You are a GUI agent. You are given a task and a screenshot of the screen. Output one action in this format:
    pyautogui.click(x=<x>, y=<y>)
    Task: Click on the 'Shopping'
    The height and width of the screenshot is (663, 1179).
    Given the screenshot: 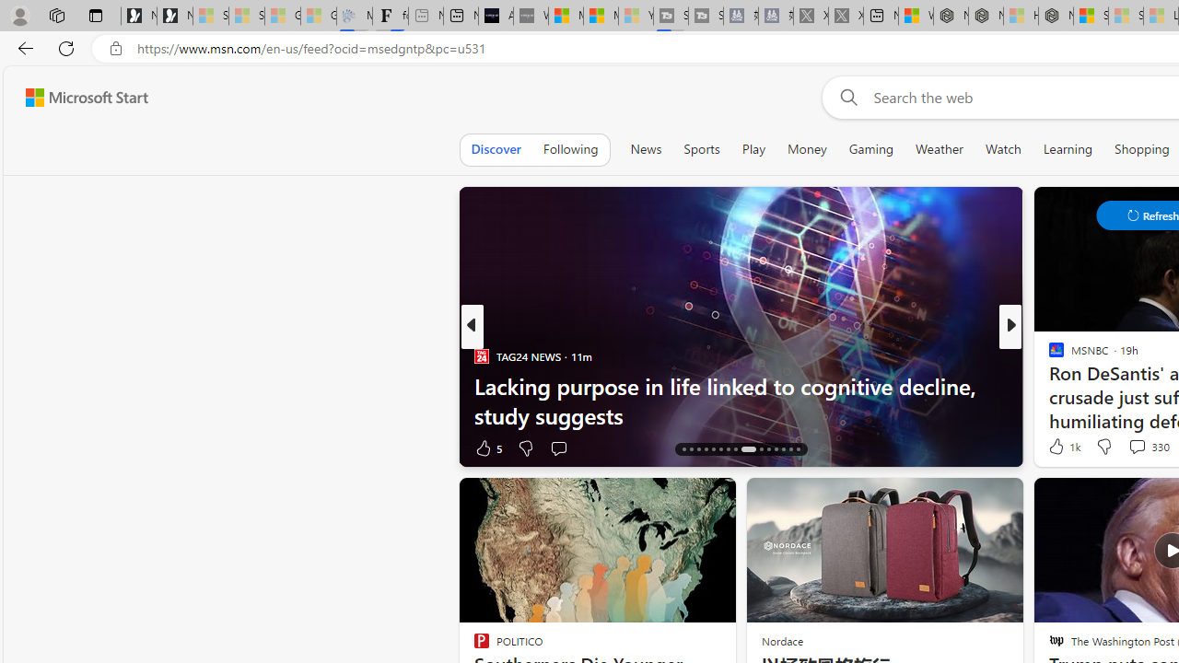 What is the action you would take?
    pyautogui.click(x=1141, y=148)
    